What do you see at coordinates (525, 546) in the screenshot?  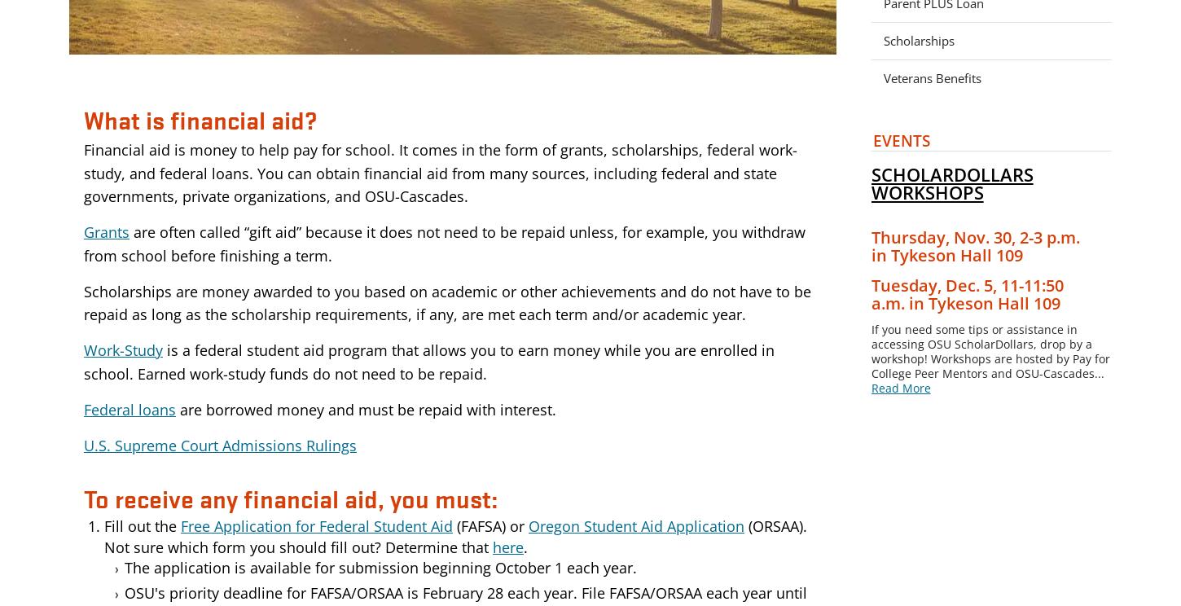 I see `'.'` at bounding box center [525, 546].